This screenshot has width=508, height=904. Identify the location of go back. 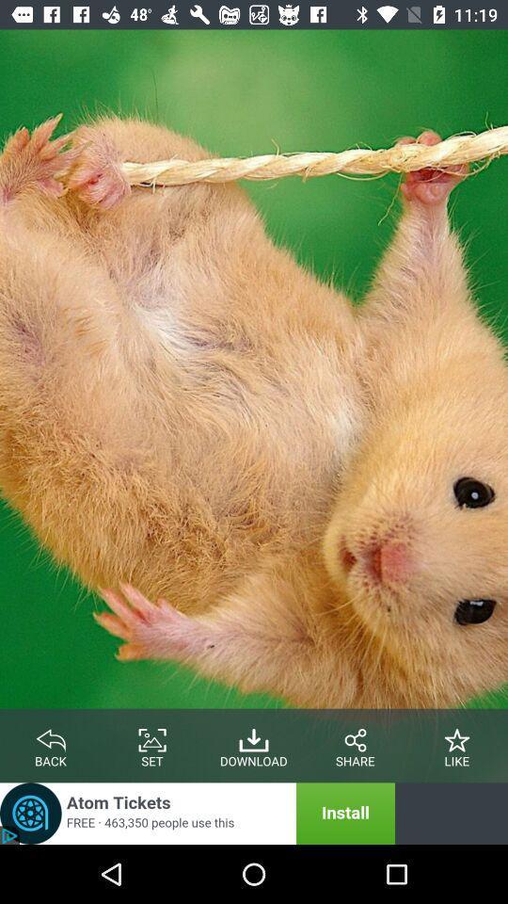
(51, 736).